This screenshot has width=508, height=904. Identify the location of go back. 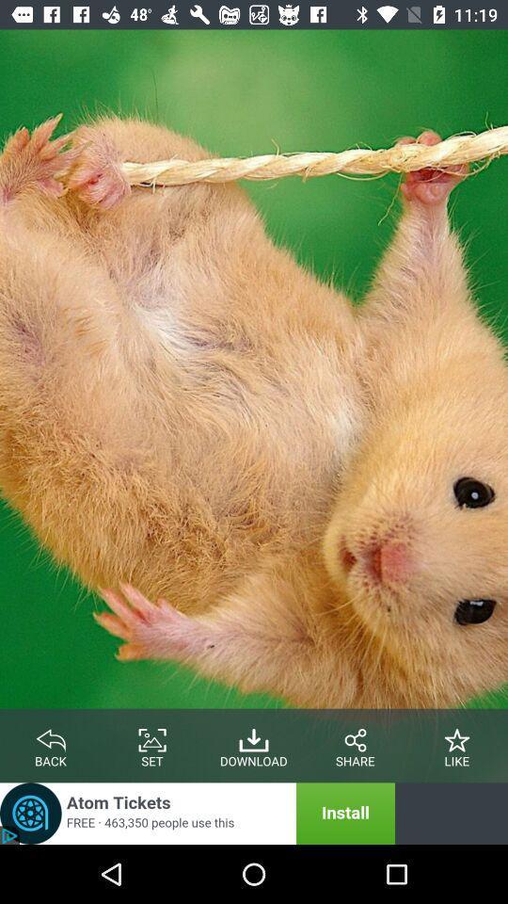
(51, 736).